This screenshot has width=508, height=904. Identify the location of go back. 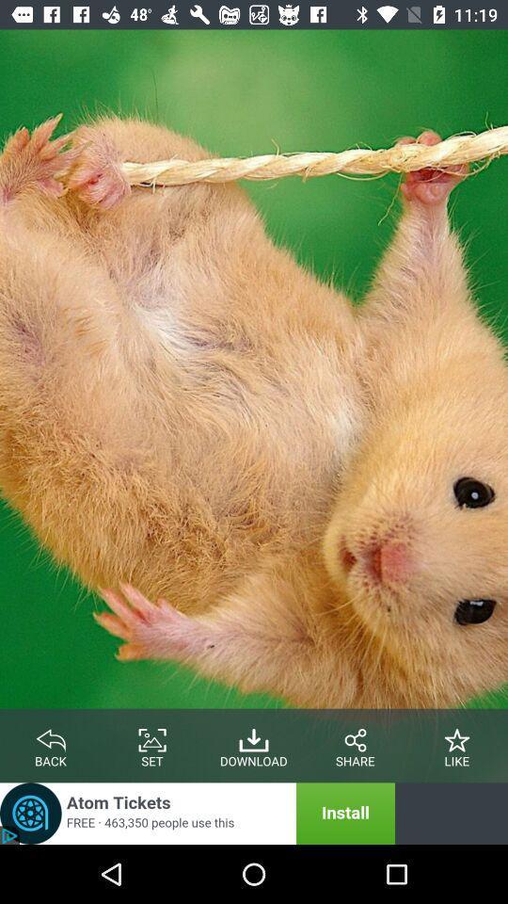
(51, 736).